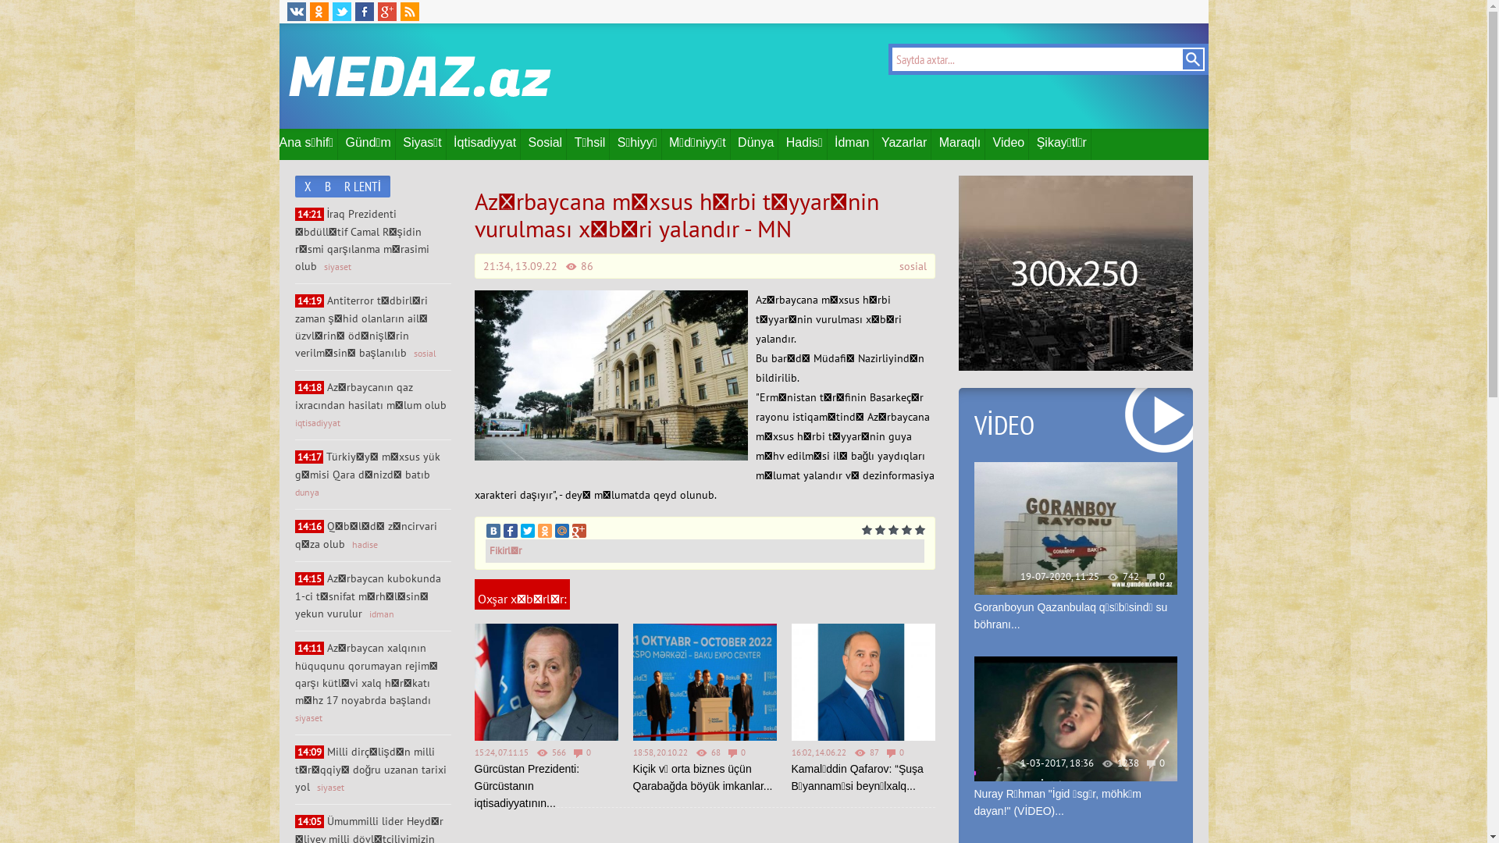 The width and height of the screenshot is (1499, 843). I want to click on 'Twitter', so click(340, 12).